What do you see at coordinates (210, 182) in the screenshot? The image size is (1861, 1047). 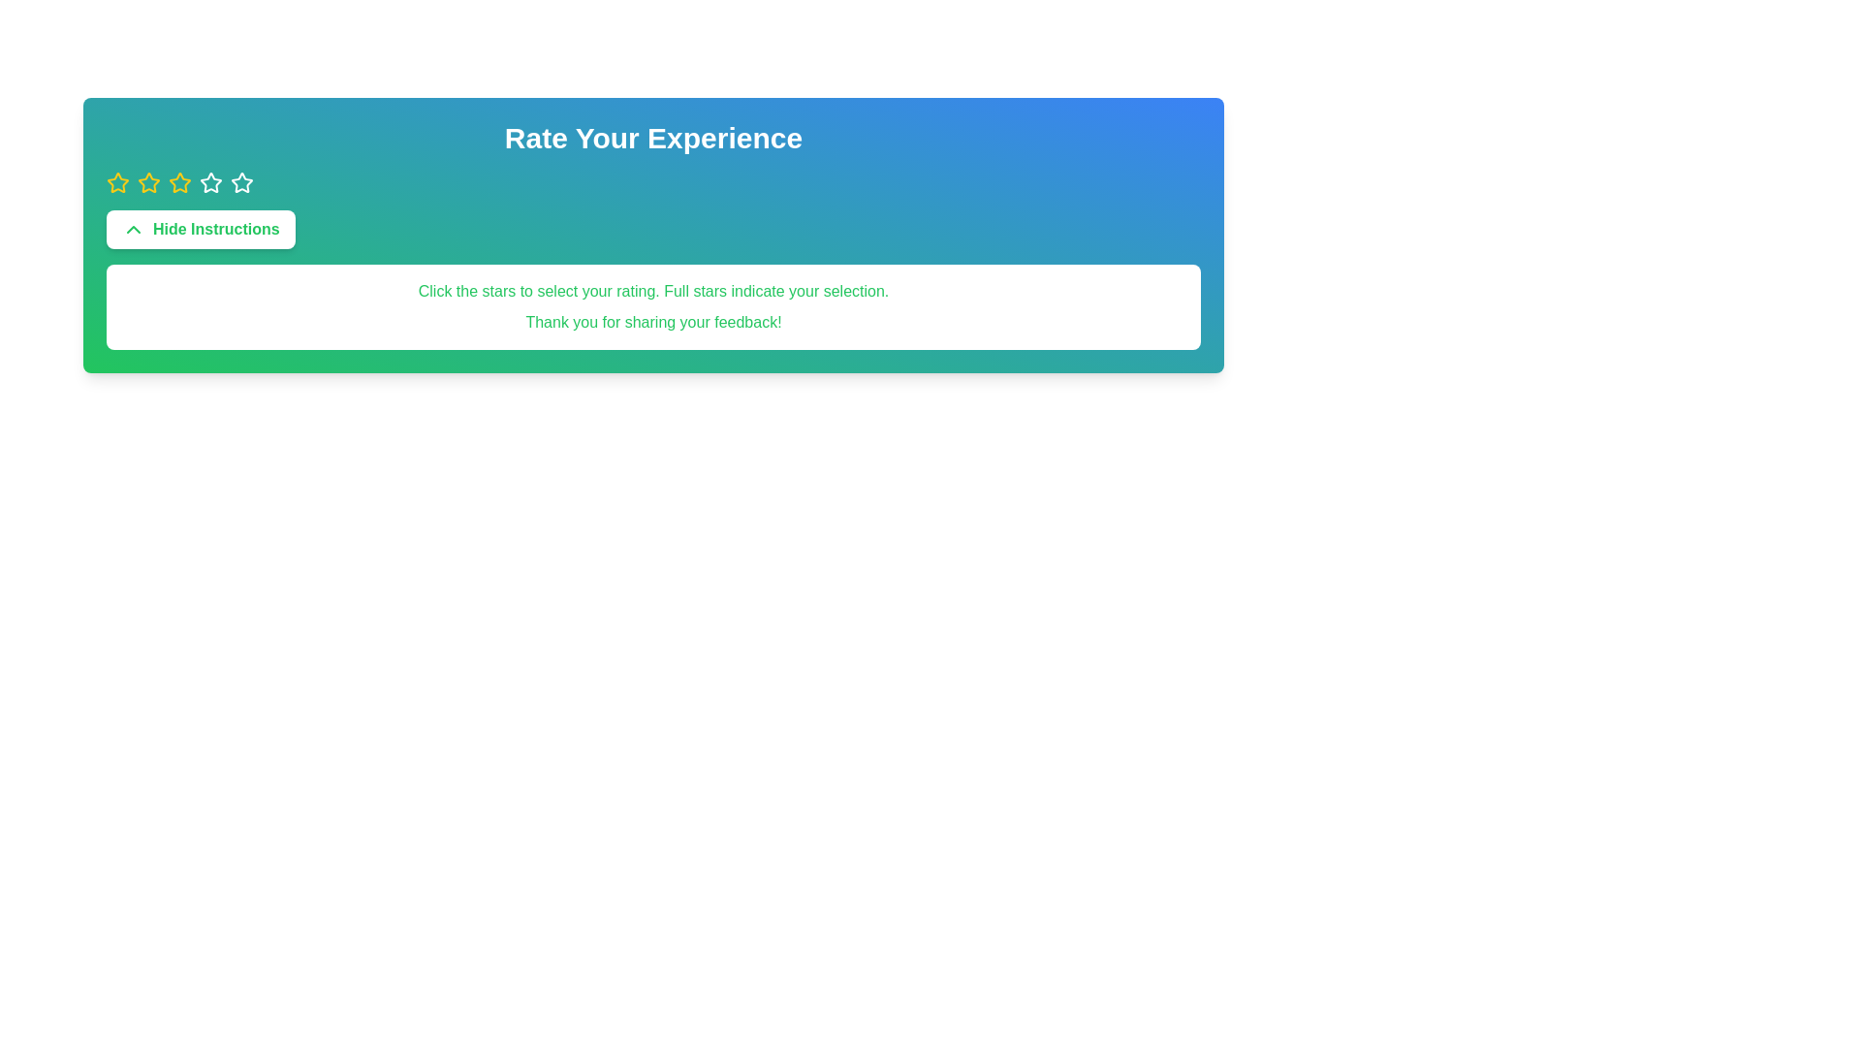 I see `the third teal star icon in the rating interface to rate it` at bounding box center [210, 182].